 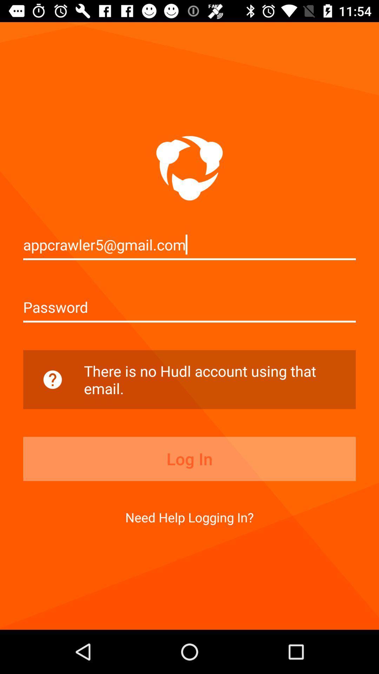 What do you see at coordinates (189, 517) in the screenshot?
I see `need help logging` at bounding box center [189, 517].